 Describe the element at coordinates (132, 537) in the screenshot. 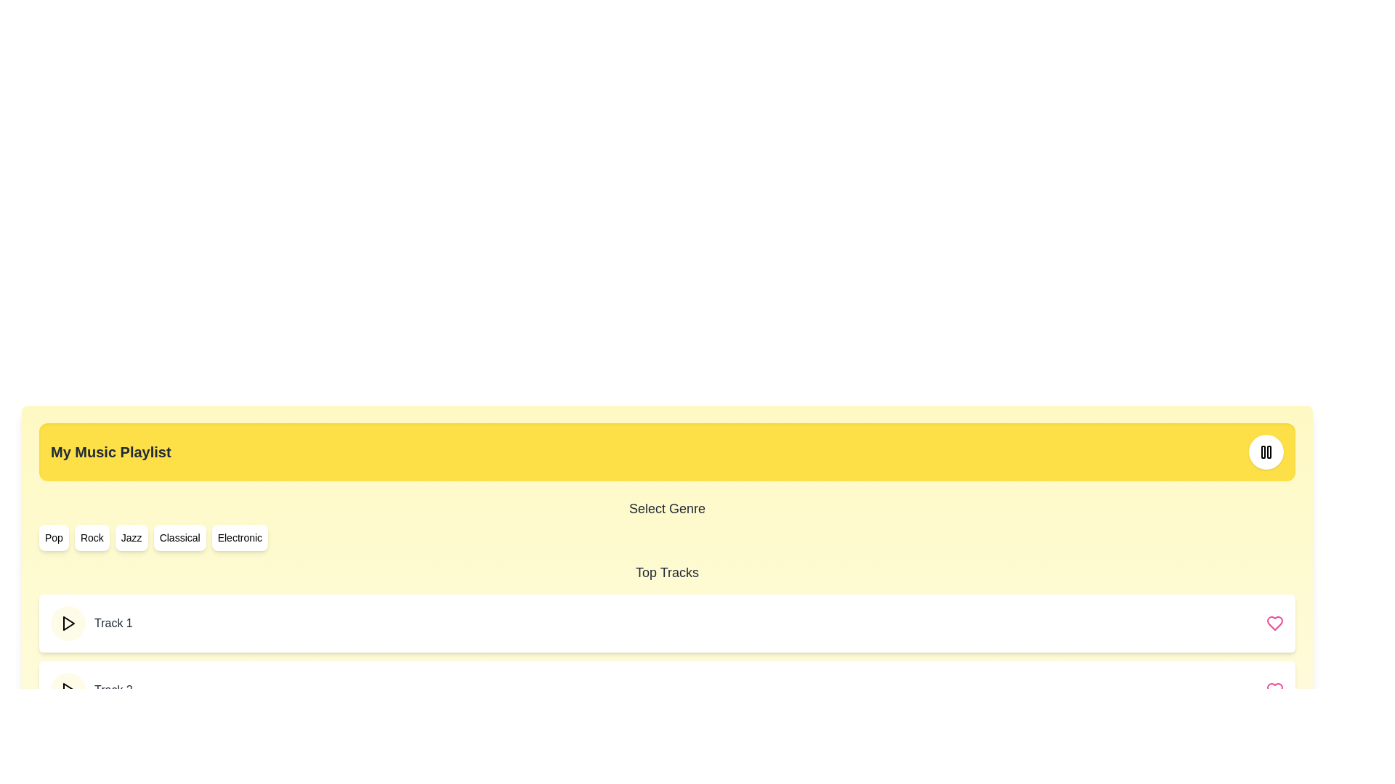

I see `the 'Jazz' button, which is the third button in the horizontal list under 'My Music Playlist', to change its background color to light yellow` at that location.